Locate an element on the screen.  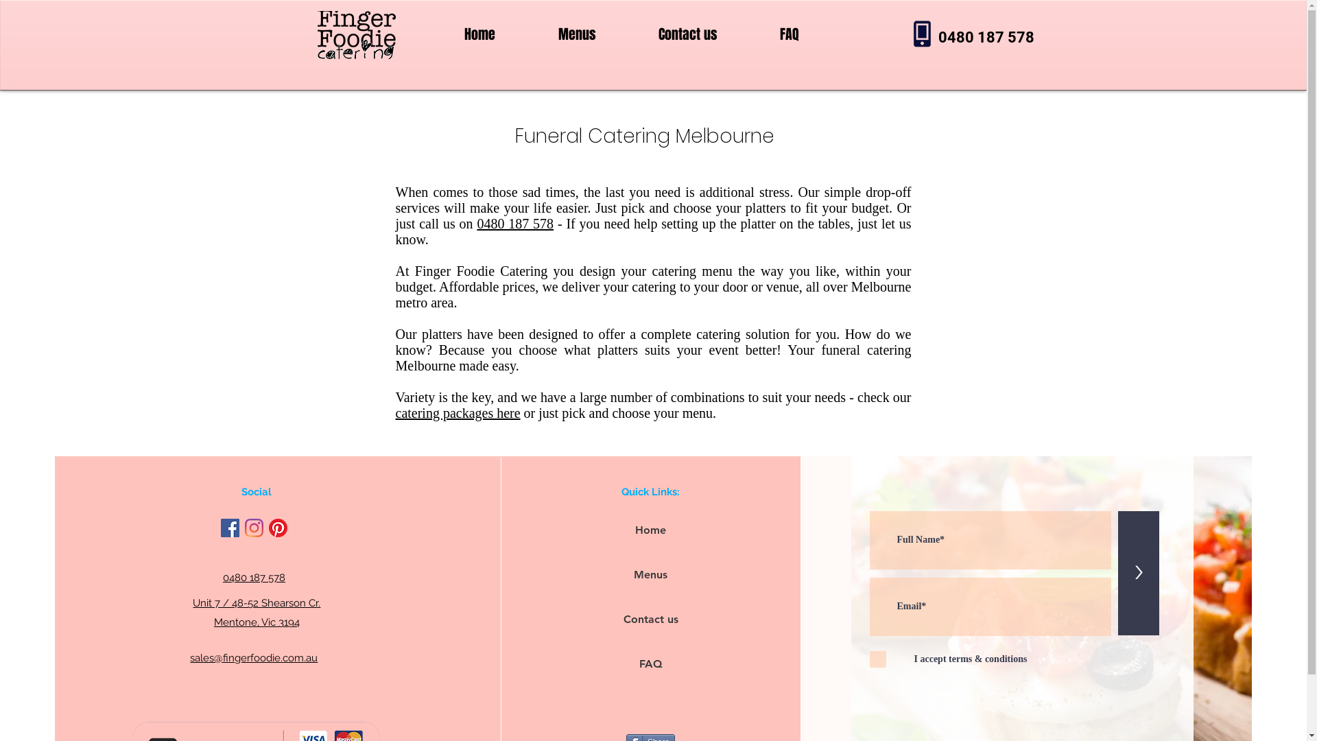
'>' is located at coordinates (1139, 573).